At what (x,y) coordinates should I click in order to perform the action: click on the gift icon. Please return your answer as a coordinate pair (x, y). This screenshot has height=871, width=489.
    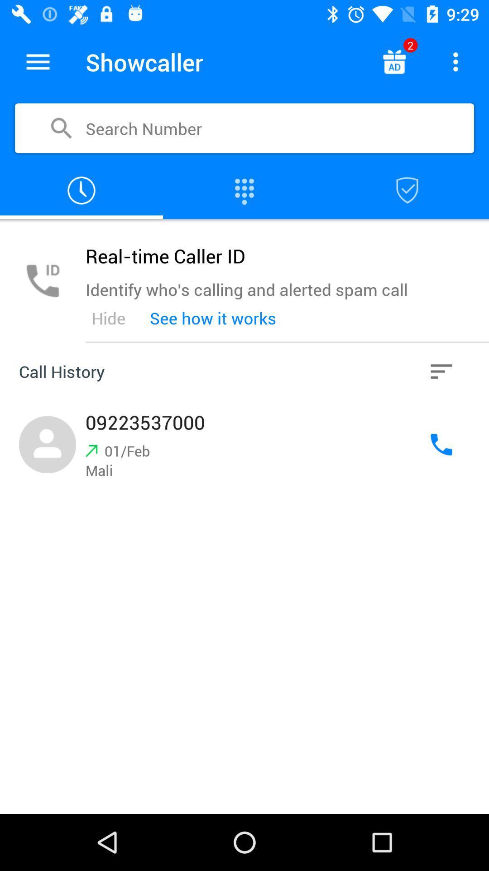
    Looking at the image, I should click on (393, 61).